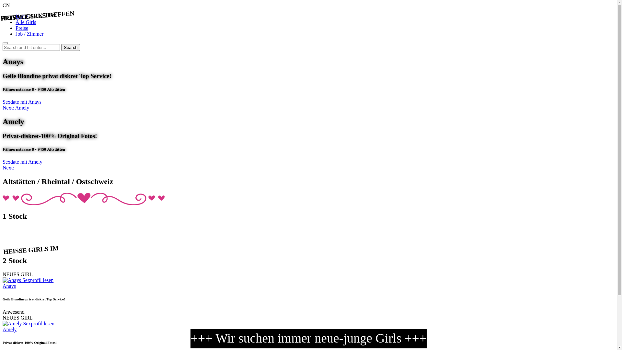 The height and width of the screenshot is (350, 622). Describe the element at coordinates (22, 28) in the screenshot. I see `'Preise'` at that location.